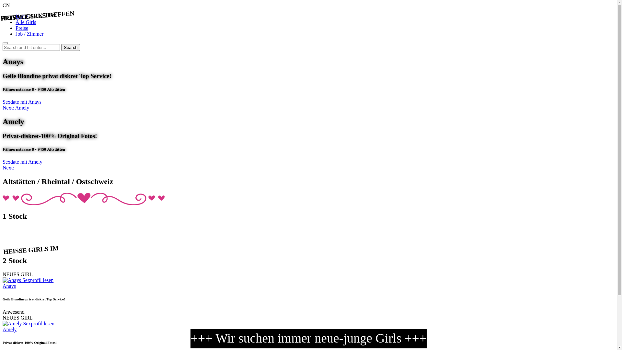 The height and width of the screenshot is (350, 622). Describe the element at coordinates (22, 28) in the screenshot. I see `'Preise'` at that location.